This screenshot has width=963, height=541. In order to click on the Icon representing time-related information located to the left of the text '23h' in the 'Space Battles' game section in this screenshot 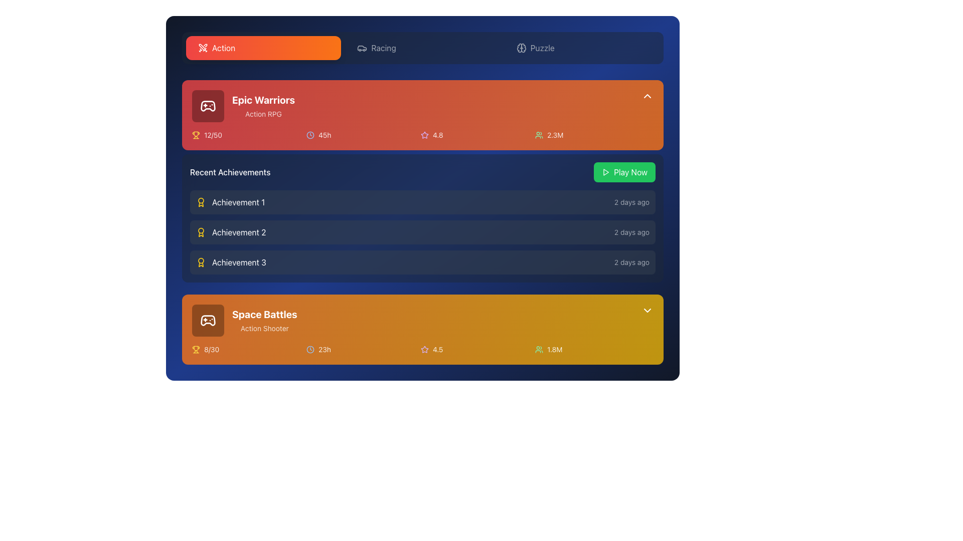, I will do `click(310, 349)`.